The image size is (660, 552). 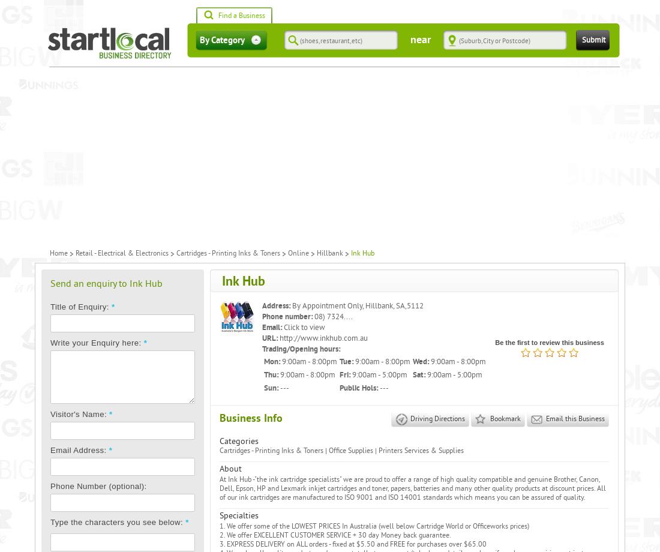 What do you see at coordinates (400, 305) in the screenshot?
I see `'SA'` at bounding box center [400, 305].